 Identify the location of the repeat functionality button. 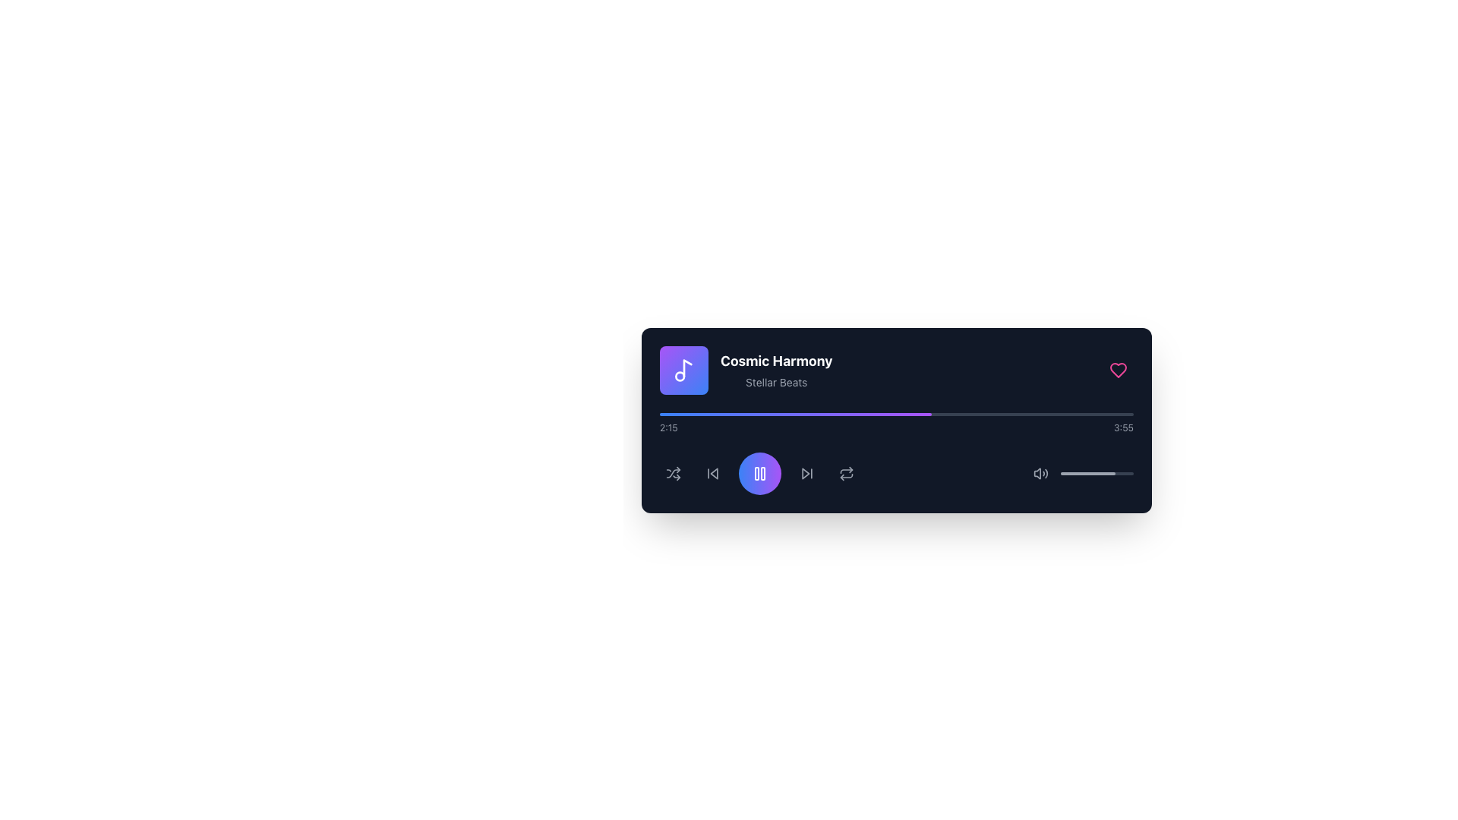
(845, 473).